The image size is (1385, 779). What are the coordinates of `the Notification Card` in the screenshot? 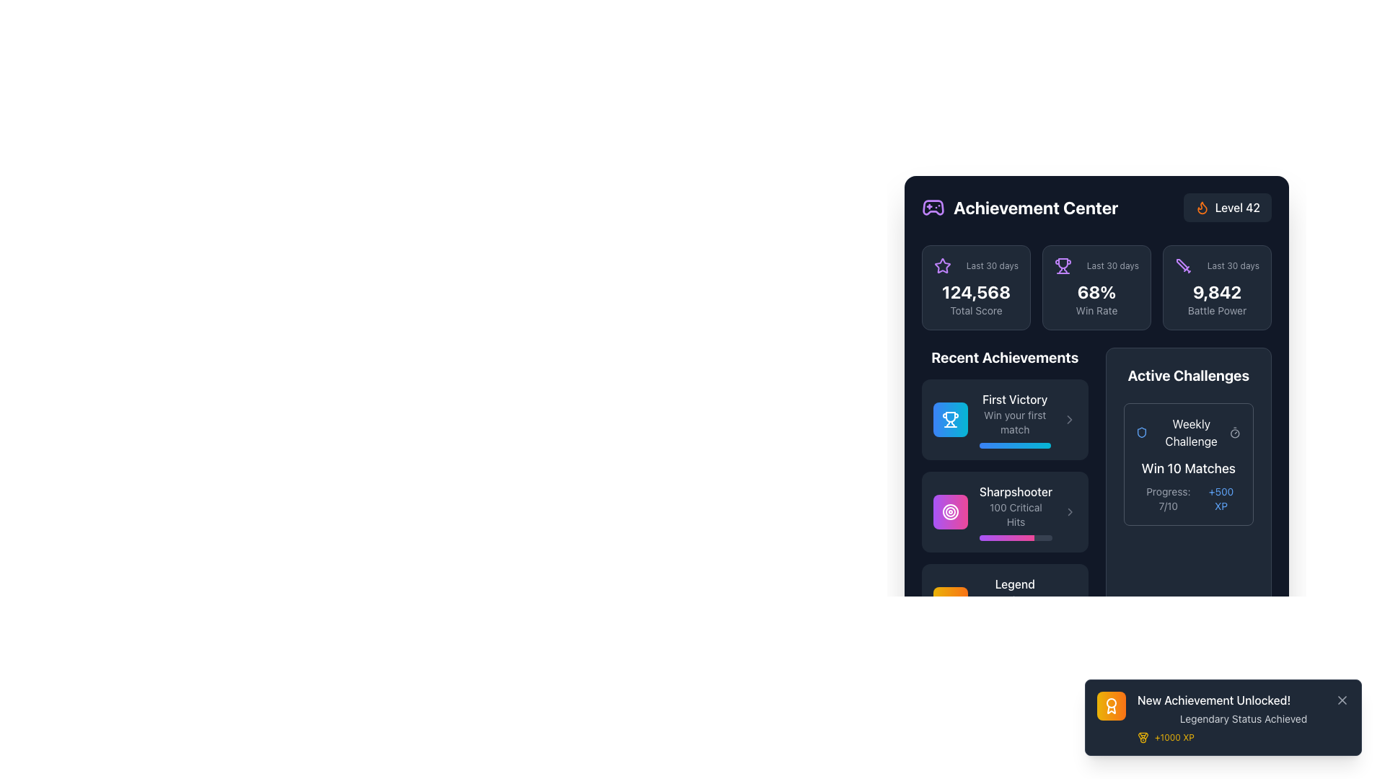 It's located at (1222, 718).